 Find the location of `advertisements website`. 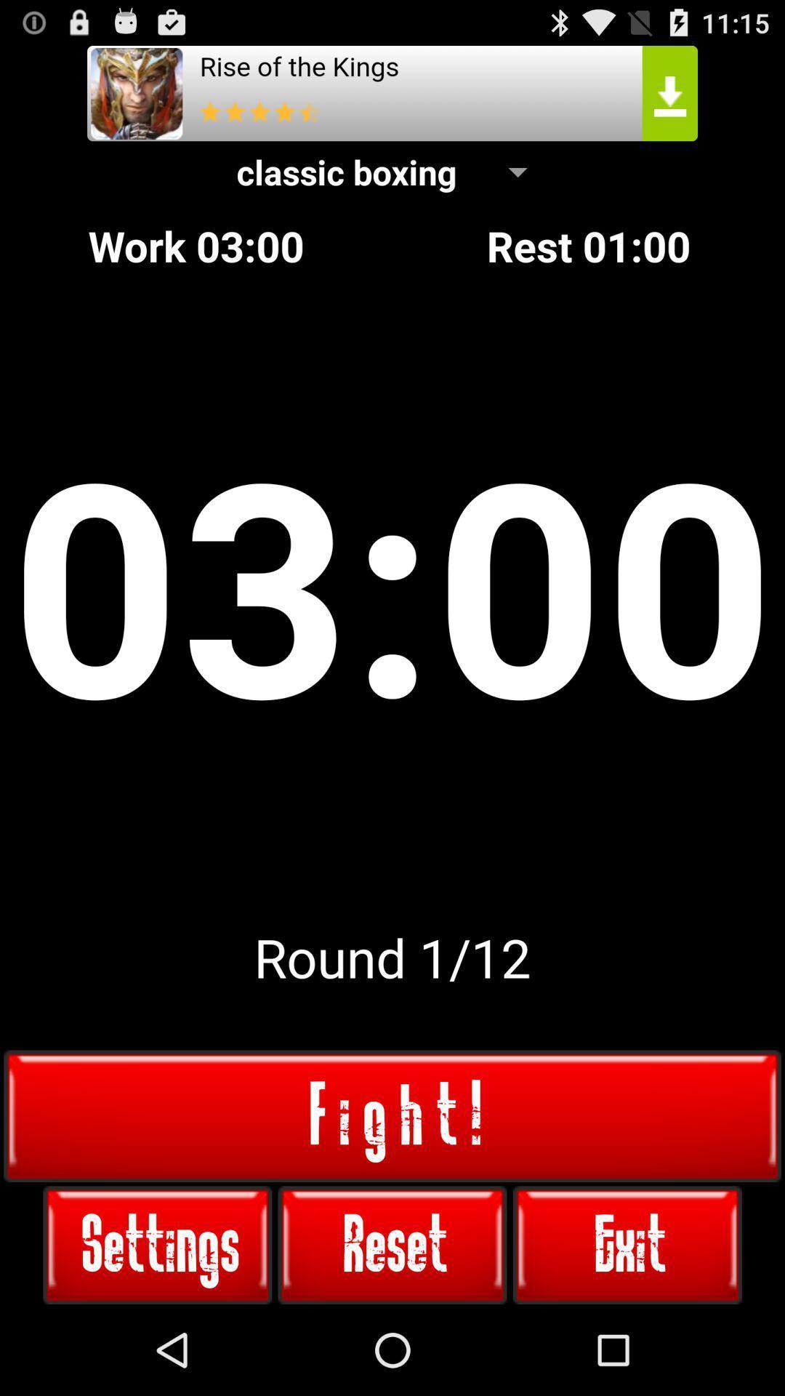

advertisements website is located at coordinates (392, 92).